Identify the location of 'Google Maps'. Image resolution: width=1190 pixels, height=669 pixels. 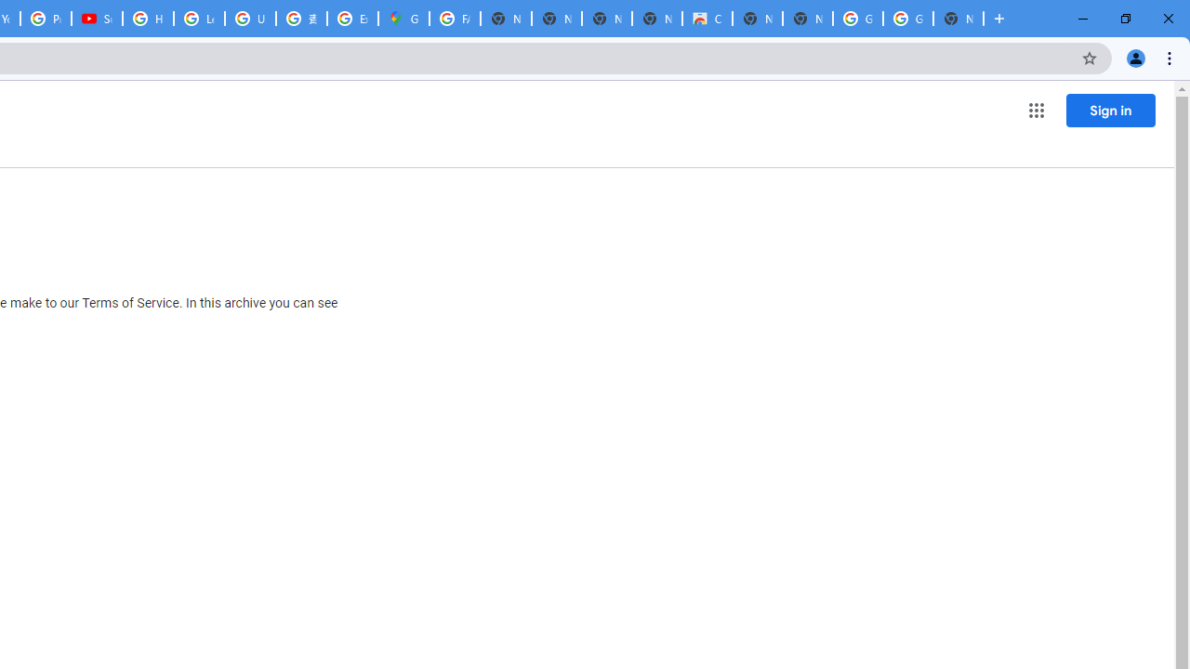
(403, 19).